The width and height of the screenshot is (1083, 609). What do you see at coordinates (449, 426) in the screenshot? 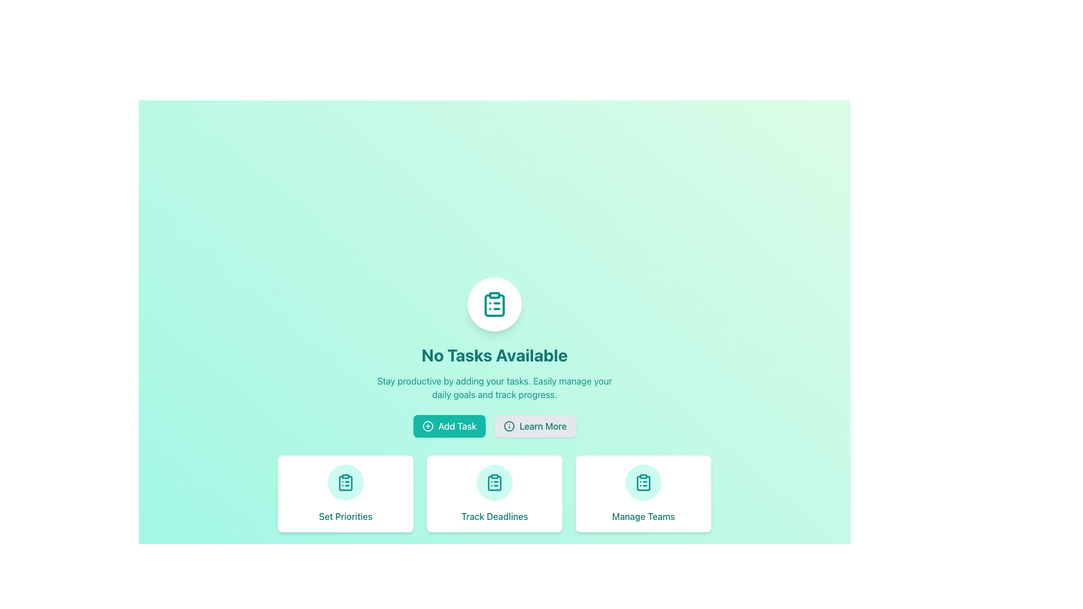
I see `the rounded teal 'Add Task' button with white text and a plus icon, located under the 'No Tasks Available' header` at bounding box center [449, 426].